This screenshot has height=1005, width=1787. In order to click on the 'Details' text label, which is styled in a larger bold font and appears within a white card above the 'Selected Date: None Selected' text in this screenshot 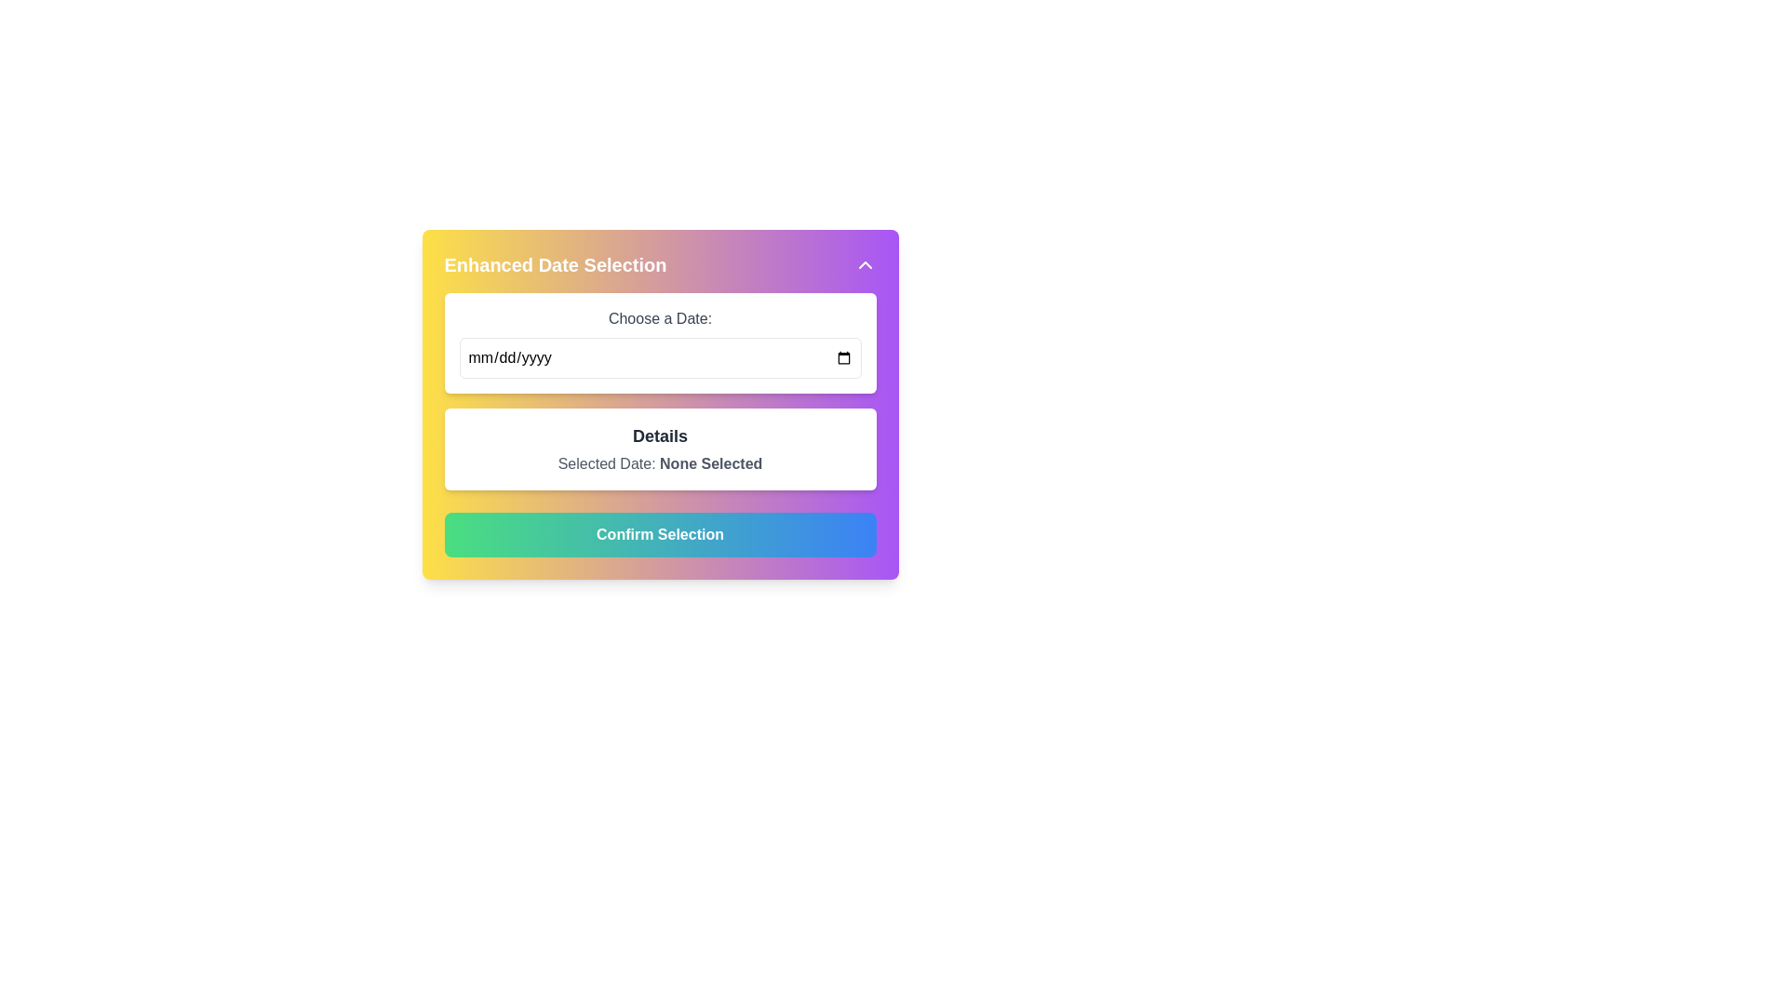, I will do `click(660, 436)`.